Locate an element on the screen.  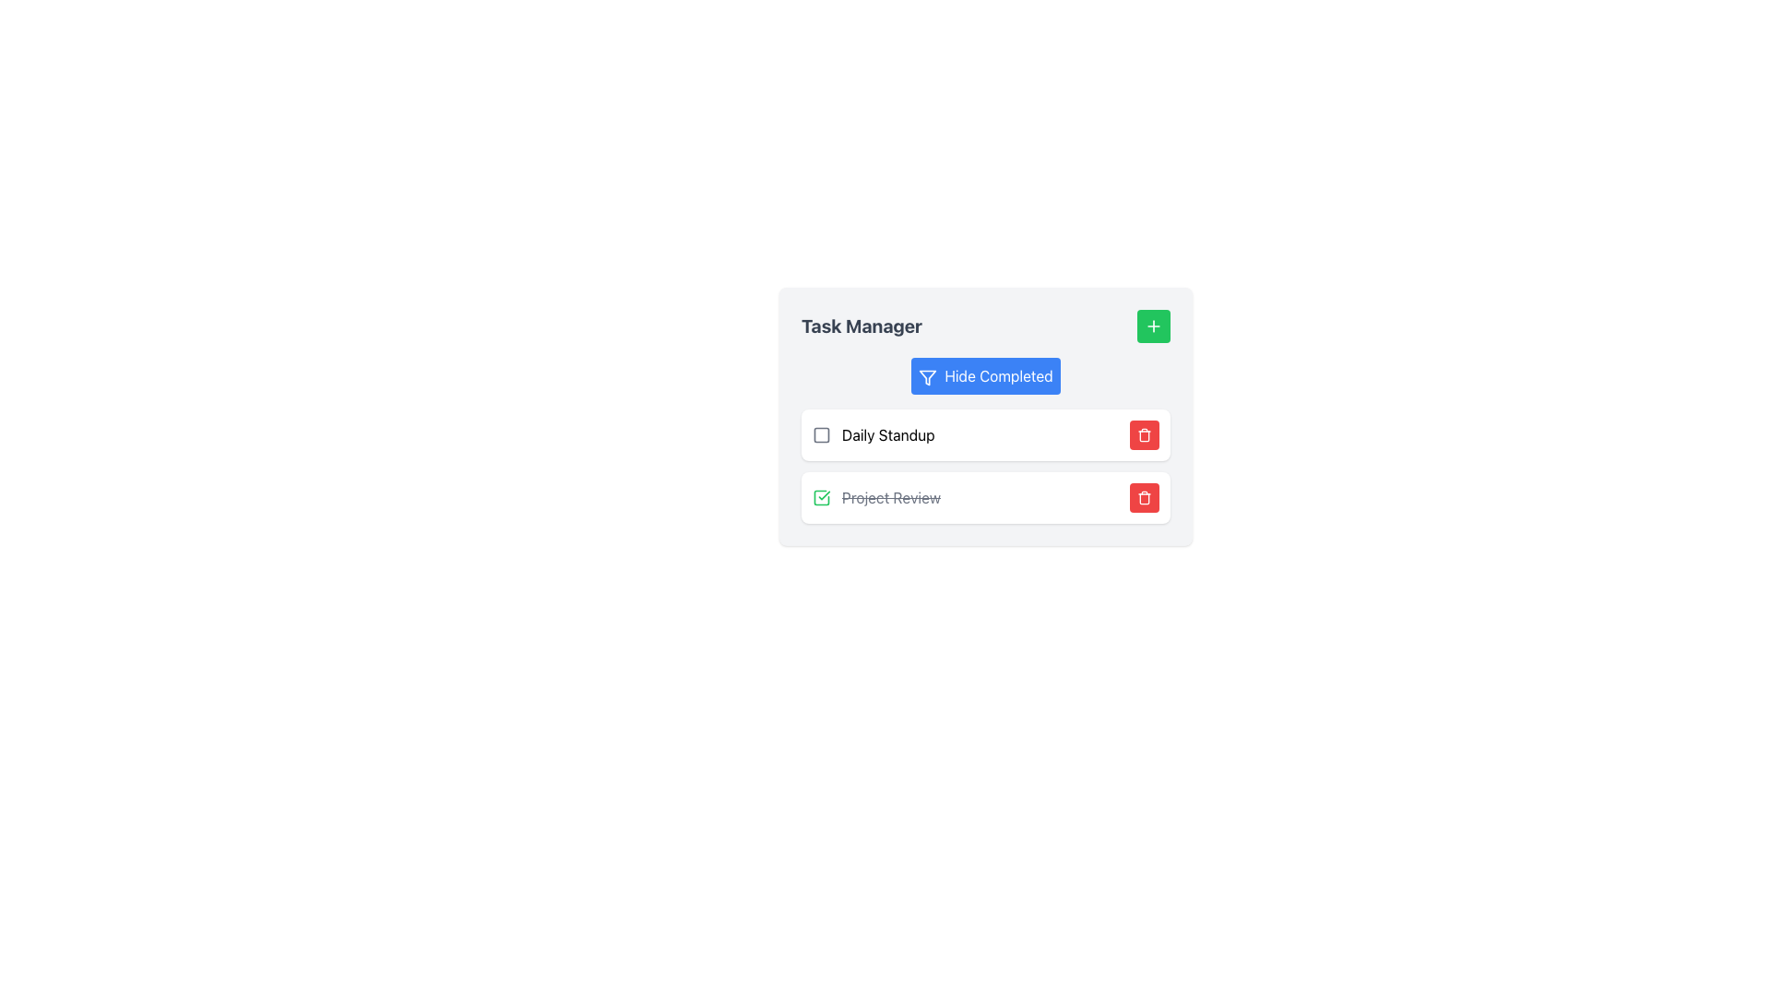
the visual feedback of the funnel icon located within the blue button labeled 'Hide Completed' in the top right section of the interface's card is located at coordinates (928, 376).